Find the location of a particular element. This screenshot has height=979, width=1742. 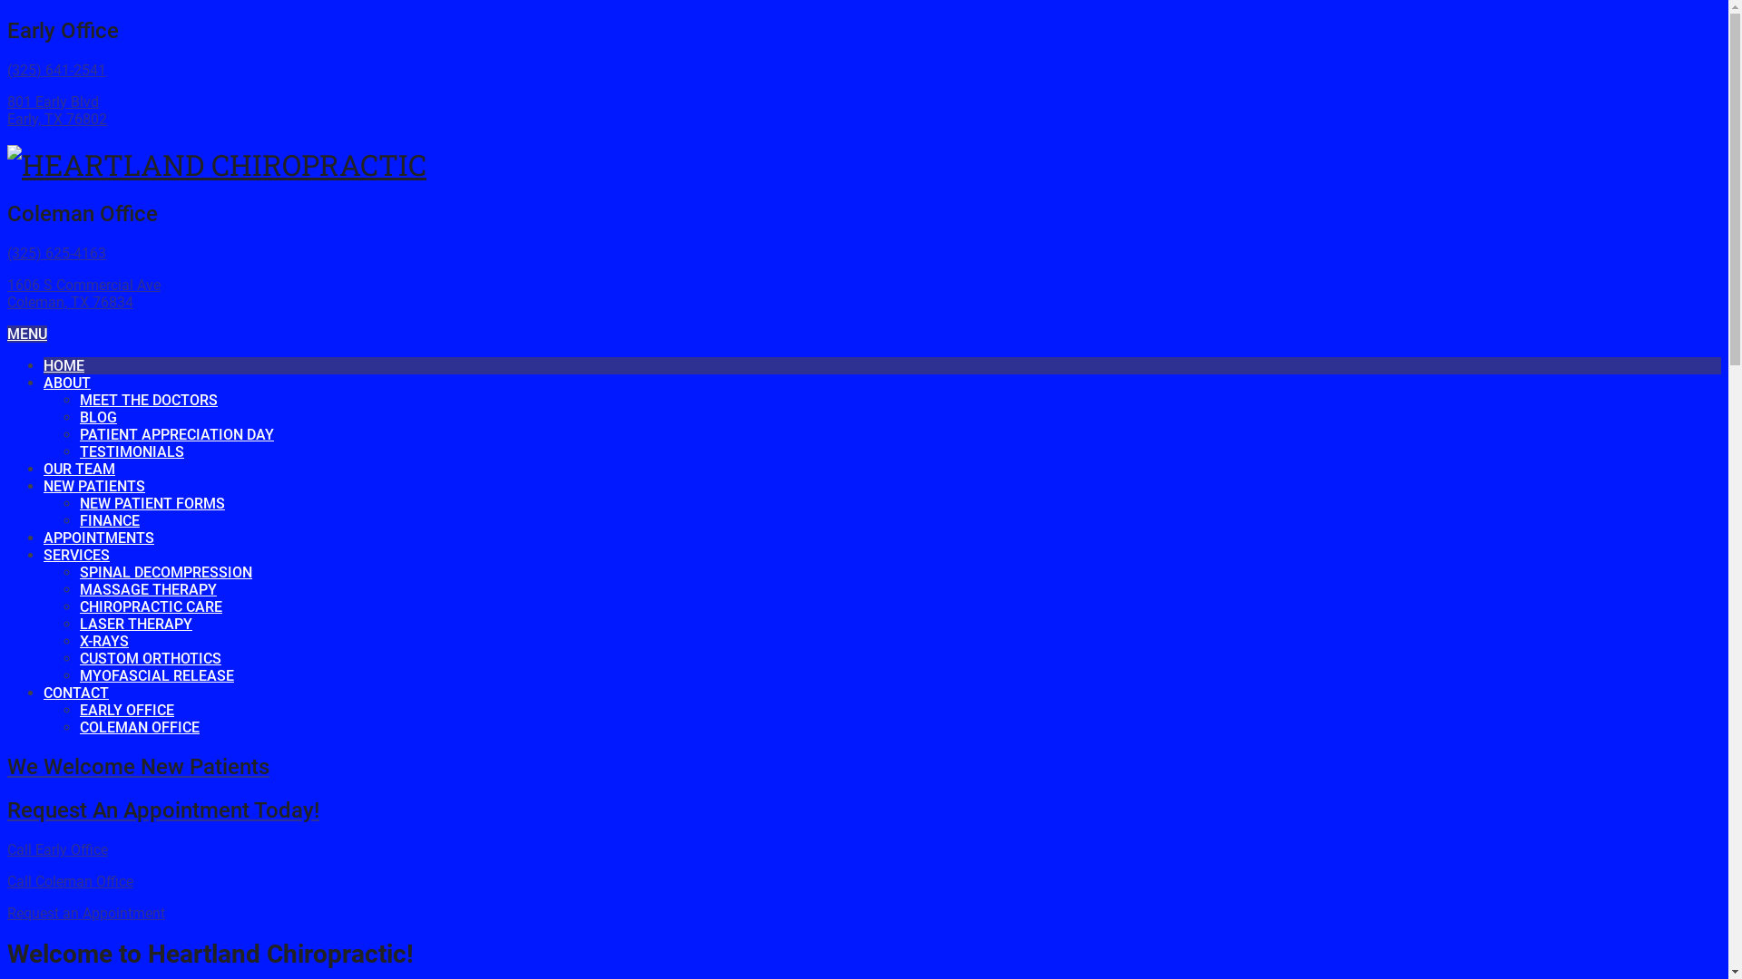

'X-RAYS' is located at coordinates (103, 640).